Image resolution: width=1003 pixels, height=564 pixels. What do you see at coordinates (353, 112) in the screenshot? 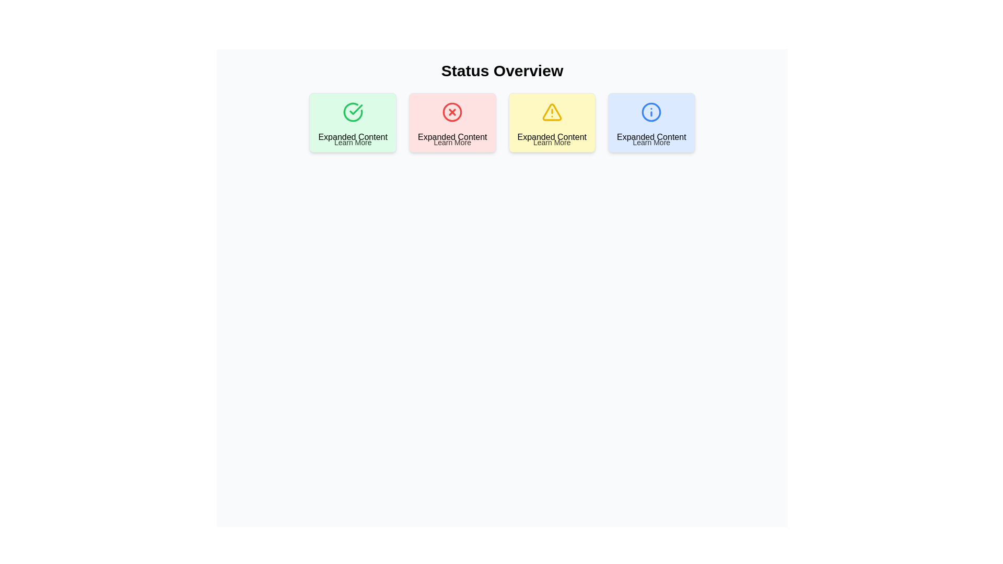
I see `the green checkmark icon located within the first green status card in a row of four status cards, indicating a successful status` at bounding box center [353, 112].